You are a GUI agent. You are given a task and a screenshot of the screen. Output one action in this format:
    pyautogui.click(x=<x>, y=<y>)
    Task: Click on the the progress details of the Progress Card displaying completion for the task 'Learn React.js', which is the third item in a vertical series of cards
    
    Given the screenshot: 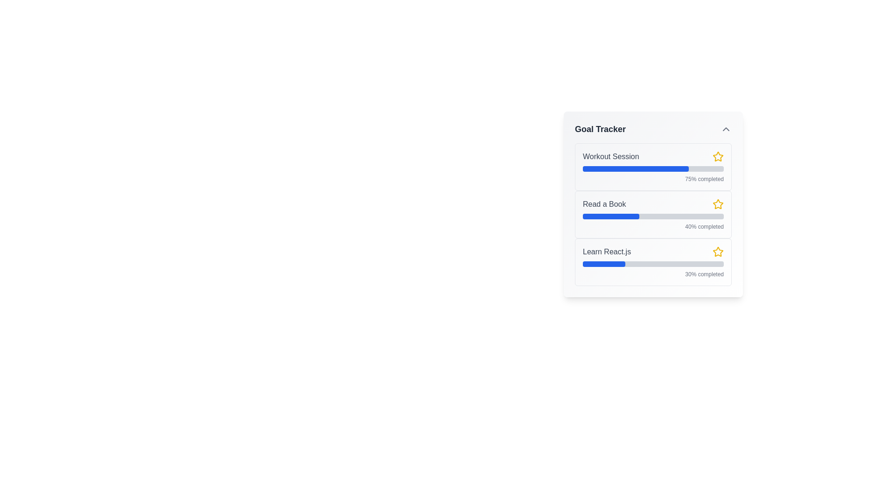 What is the action you would take?
    pyautogui.click(x=653, y=262)
    